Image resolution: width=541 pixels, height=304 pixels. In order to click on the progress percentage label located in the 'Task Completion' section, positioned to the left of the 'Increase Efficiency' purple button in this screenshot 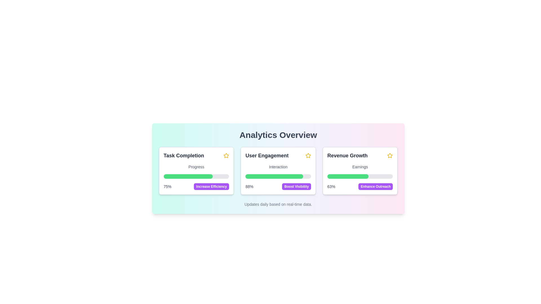, I will do `click(167, 187)`.